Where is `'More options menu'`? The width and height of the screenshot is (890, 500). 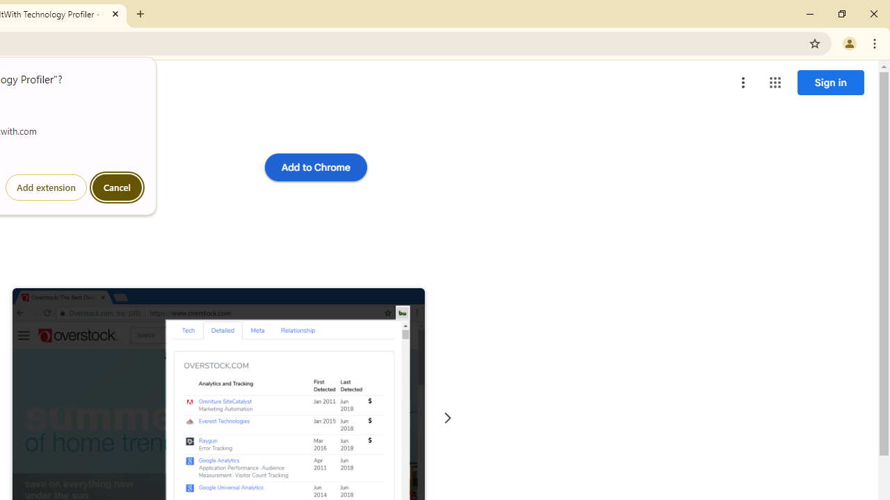 'More options menu' is located at coordinates (743, 83).